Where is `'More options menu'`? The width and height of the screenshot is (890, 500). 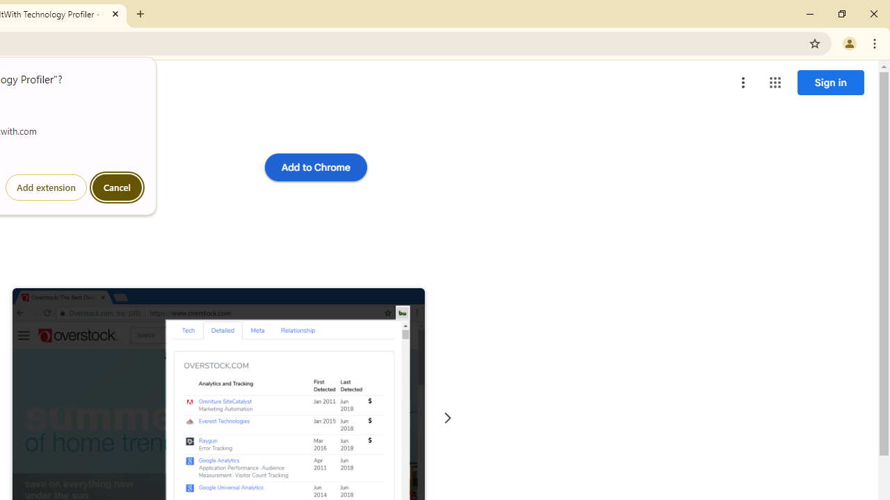 'More options menu' is located at coordinates (743, 83).